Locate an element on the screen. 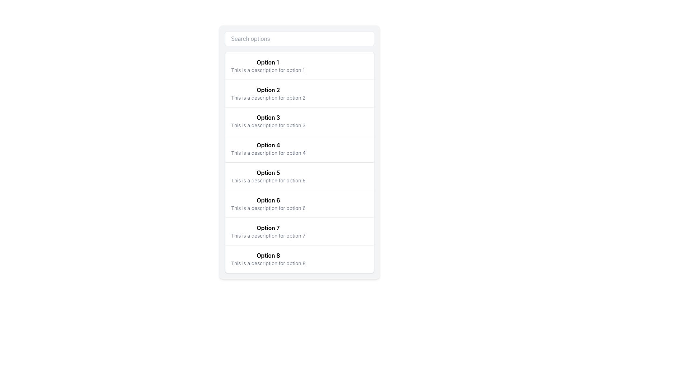 This screenshot has height=387, width=688. the third selectable option in the list is located at coordinates (268, 121).